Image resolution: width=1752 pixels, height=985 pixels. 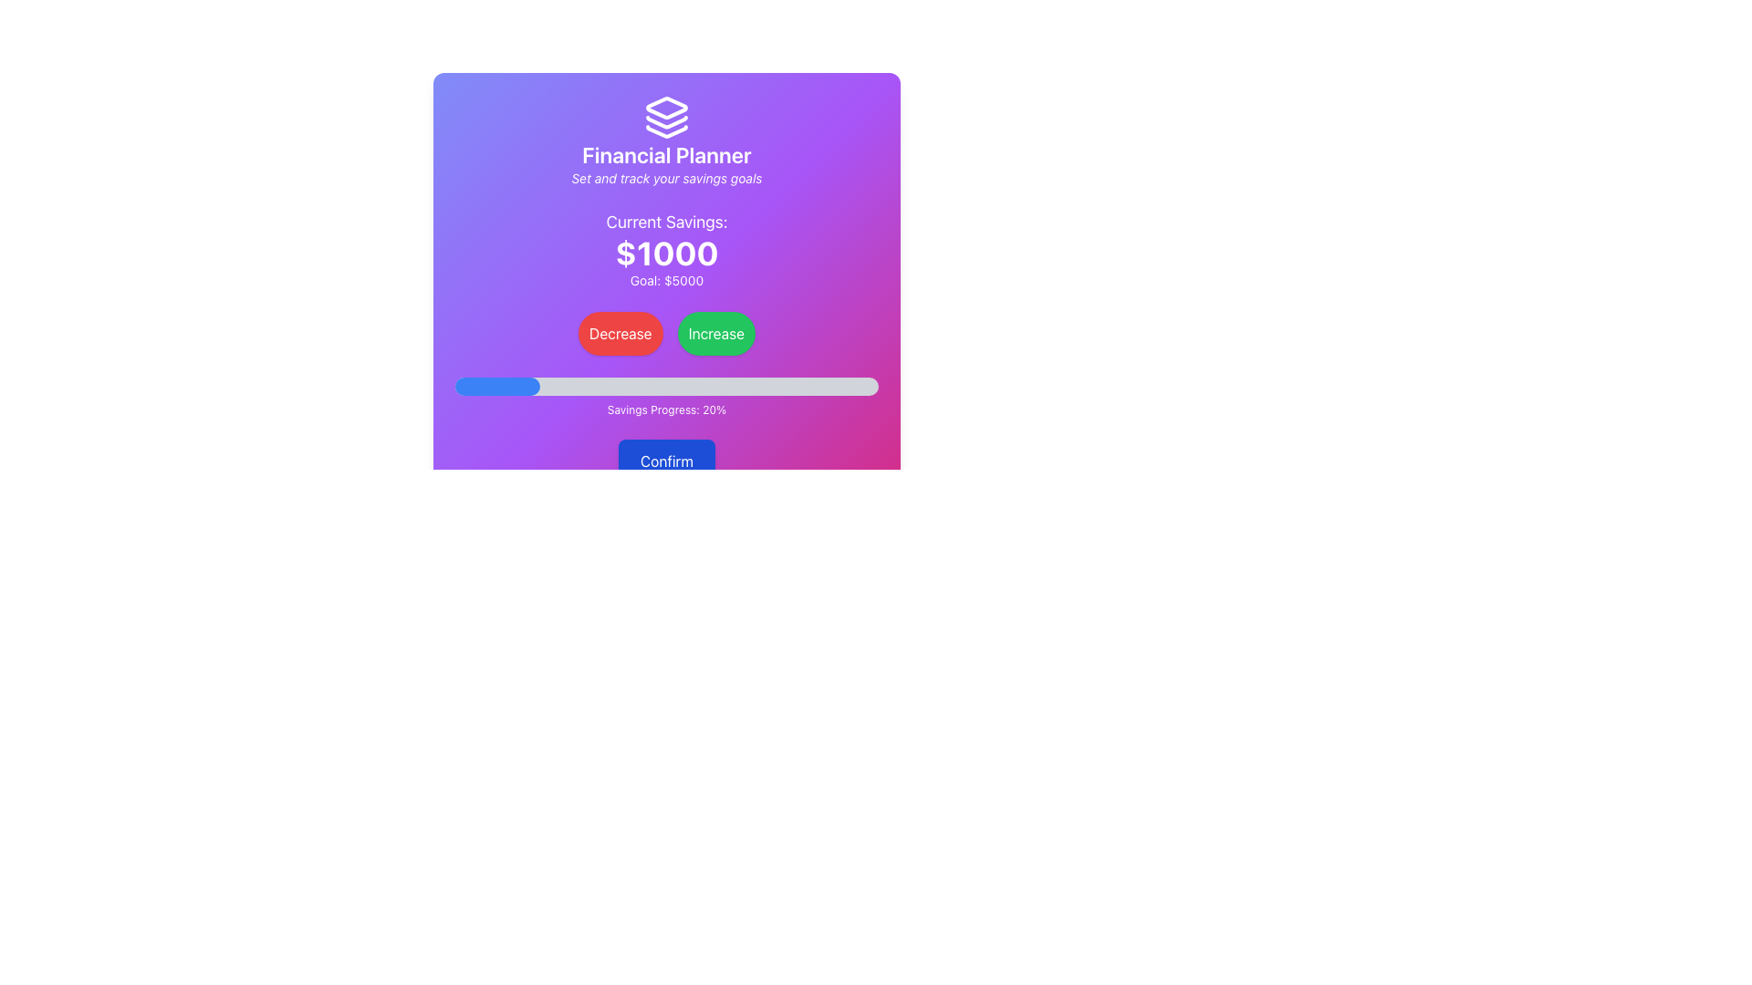 What do you see at coordinates (665, 253) in the screenshot?
I see `the text label displaying '$1000' in large, bold, white font, located within the 'Current Savings:' section` at bounding box center [665, 253].